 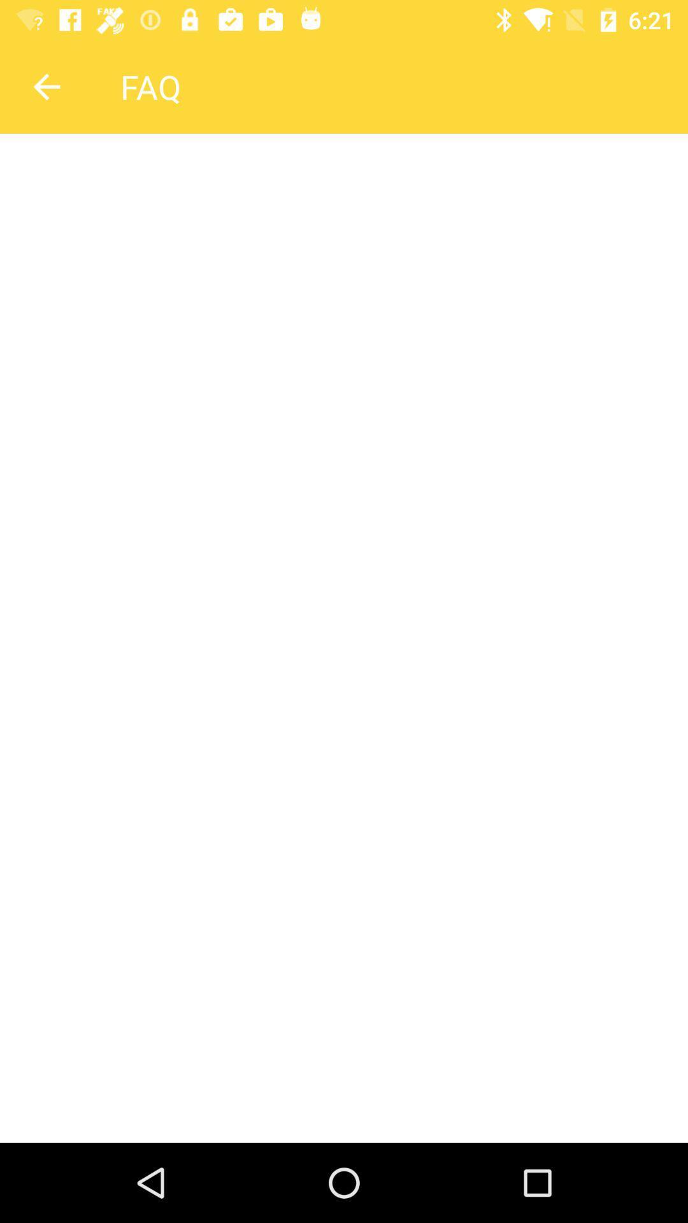 I want to click on back arrow, so click(x=46, y=86).